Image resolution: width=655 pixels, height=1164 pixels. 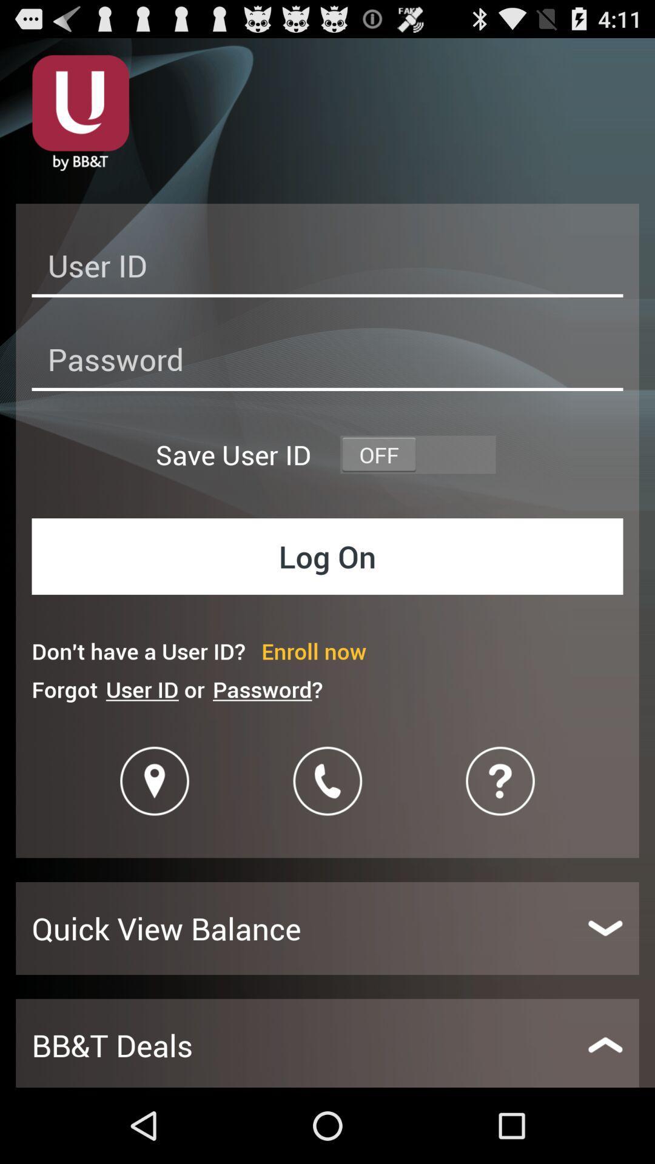 I want to click on enroll now item, so click(x=313, y=651).